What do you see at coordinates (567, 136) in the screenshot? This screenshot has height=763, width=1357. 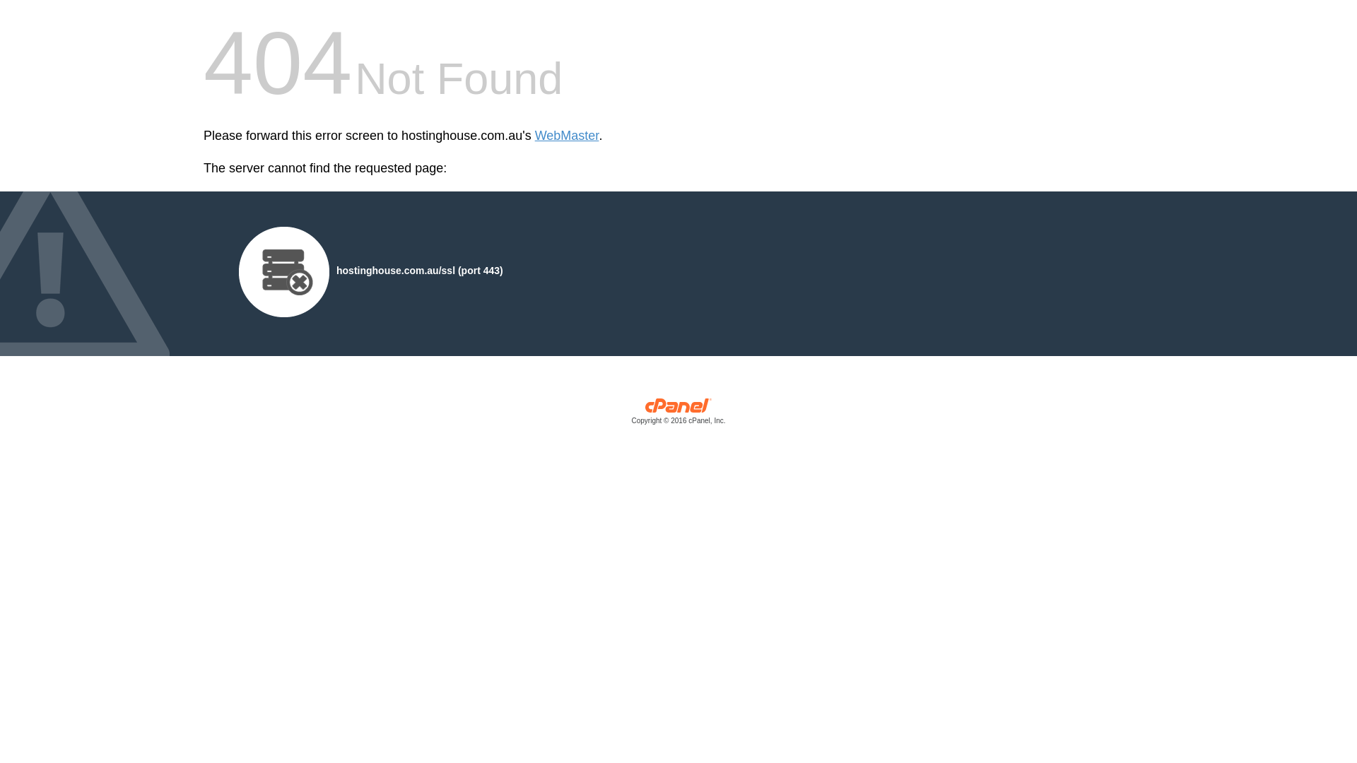 I see `'WebMaster'` at bounding box center [567, 136].